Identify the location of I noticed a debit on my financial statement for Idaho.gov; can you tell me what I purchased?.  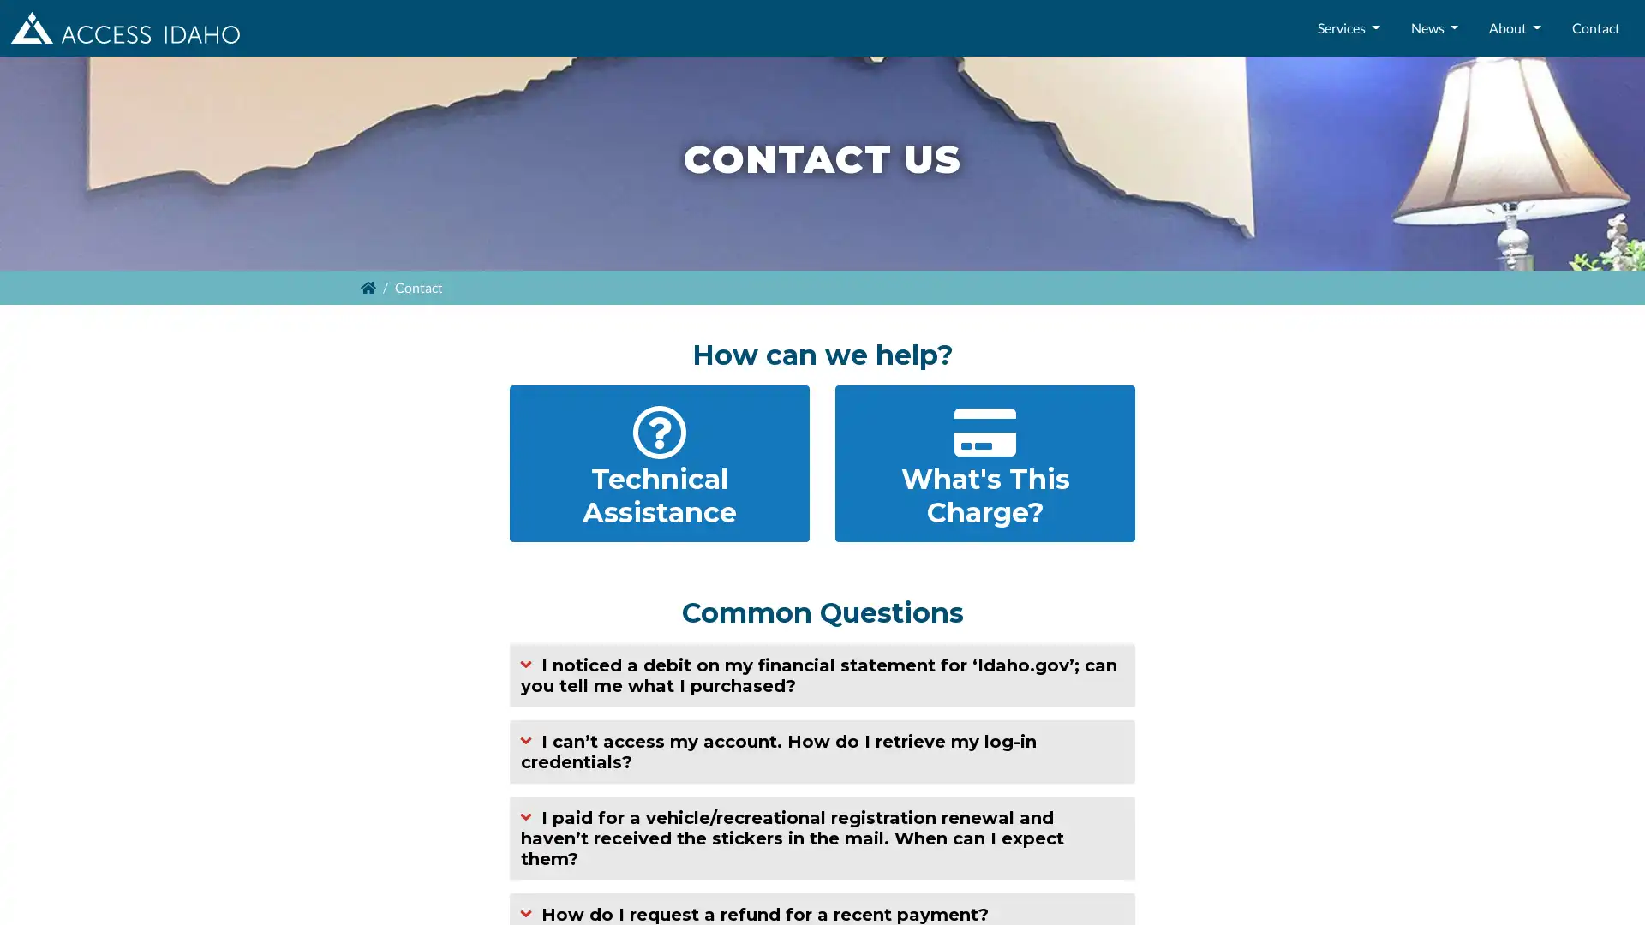
(822, 673).